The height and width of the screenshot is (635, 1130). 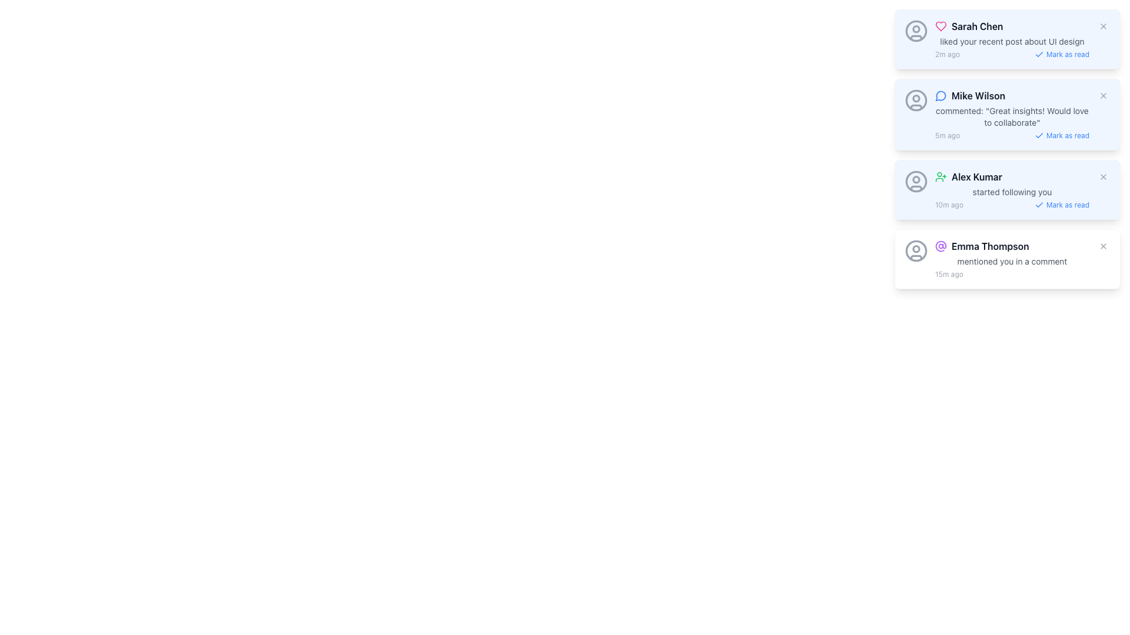 I want to click on the dismiss button located at the top-right corner of the 'Emma Thompson mentioned you in a comment' notification card, so click(x=1103, y=246).